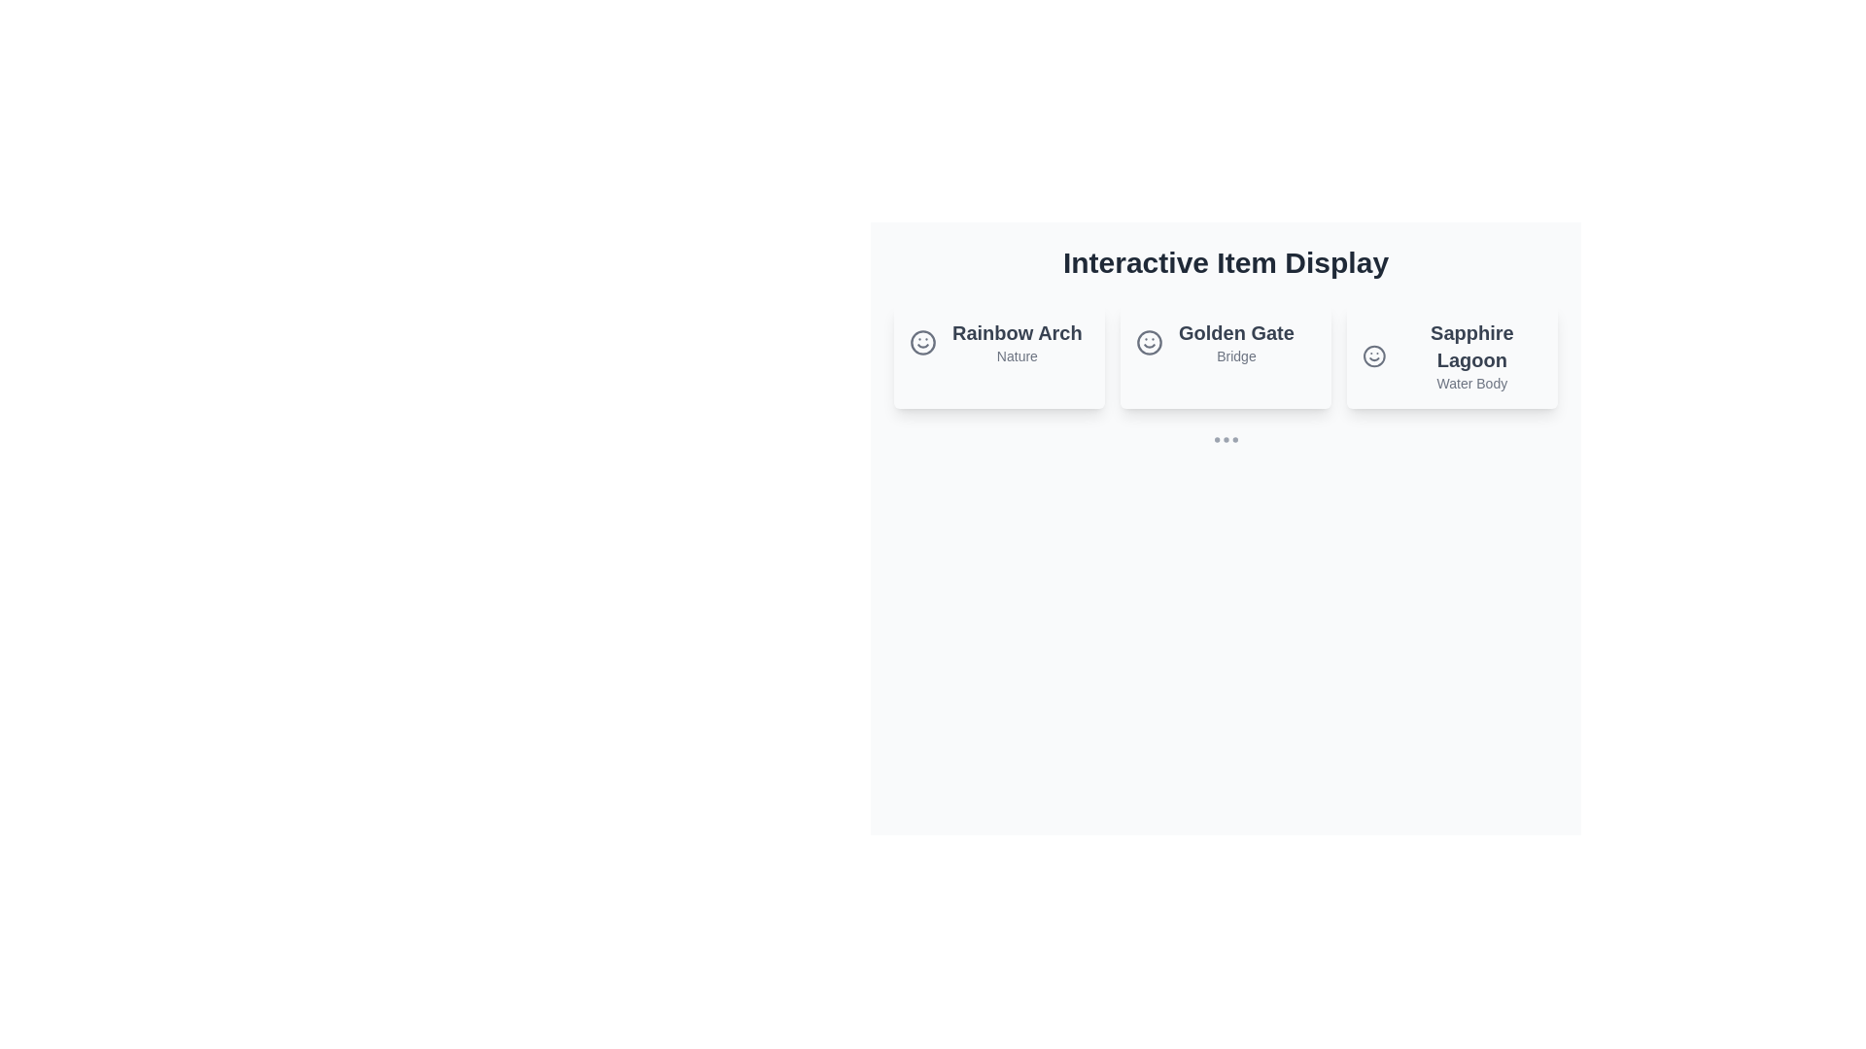 Image resolution: width=1866 pixels, height=1049 pixels. Describe the element at coordinates (1471, 355) in the screenshot. I see `the Text Block that provides information about 'Sapphire Lagoon' in the top-right card of the three horizontally aligned cards` at that location.